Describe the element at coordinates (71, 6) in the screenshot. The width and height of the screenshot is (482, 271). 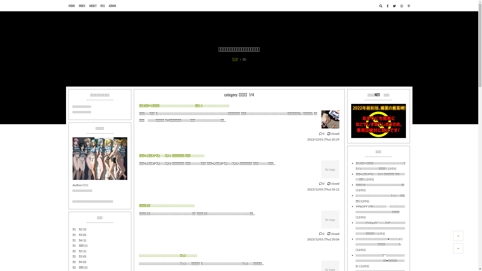
I see `'HOME'` at that location.